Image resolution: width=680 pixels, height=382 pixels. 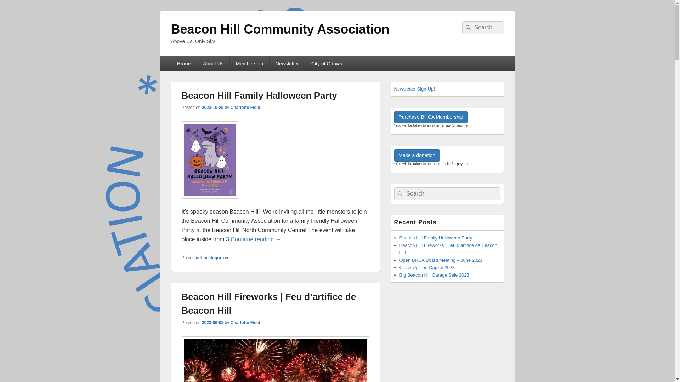 What do you see at coordinates (212, 322) in the screenshot?
I see `'2023-06-08'` at bounding box center [212, 322].